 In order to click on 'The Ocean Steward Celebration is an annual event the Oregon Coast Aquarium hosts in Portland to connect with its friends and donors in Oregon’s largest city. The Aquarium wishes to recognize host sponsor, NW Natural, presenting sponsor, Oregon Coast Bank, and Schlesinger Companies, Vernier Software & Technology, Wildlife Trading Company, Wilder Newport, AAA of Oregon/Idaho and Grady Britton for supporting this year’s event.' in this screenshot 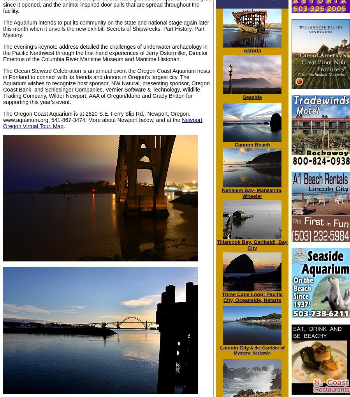, I will do `click(107, 86)`.